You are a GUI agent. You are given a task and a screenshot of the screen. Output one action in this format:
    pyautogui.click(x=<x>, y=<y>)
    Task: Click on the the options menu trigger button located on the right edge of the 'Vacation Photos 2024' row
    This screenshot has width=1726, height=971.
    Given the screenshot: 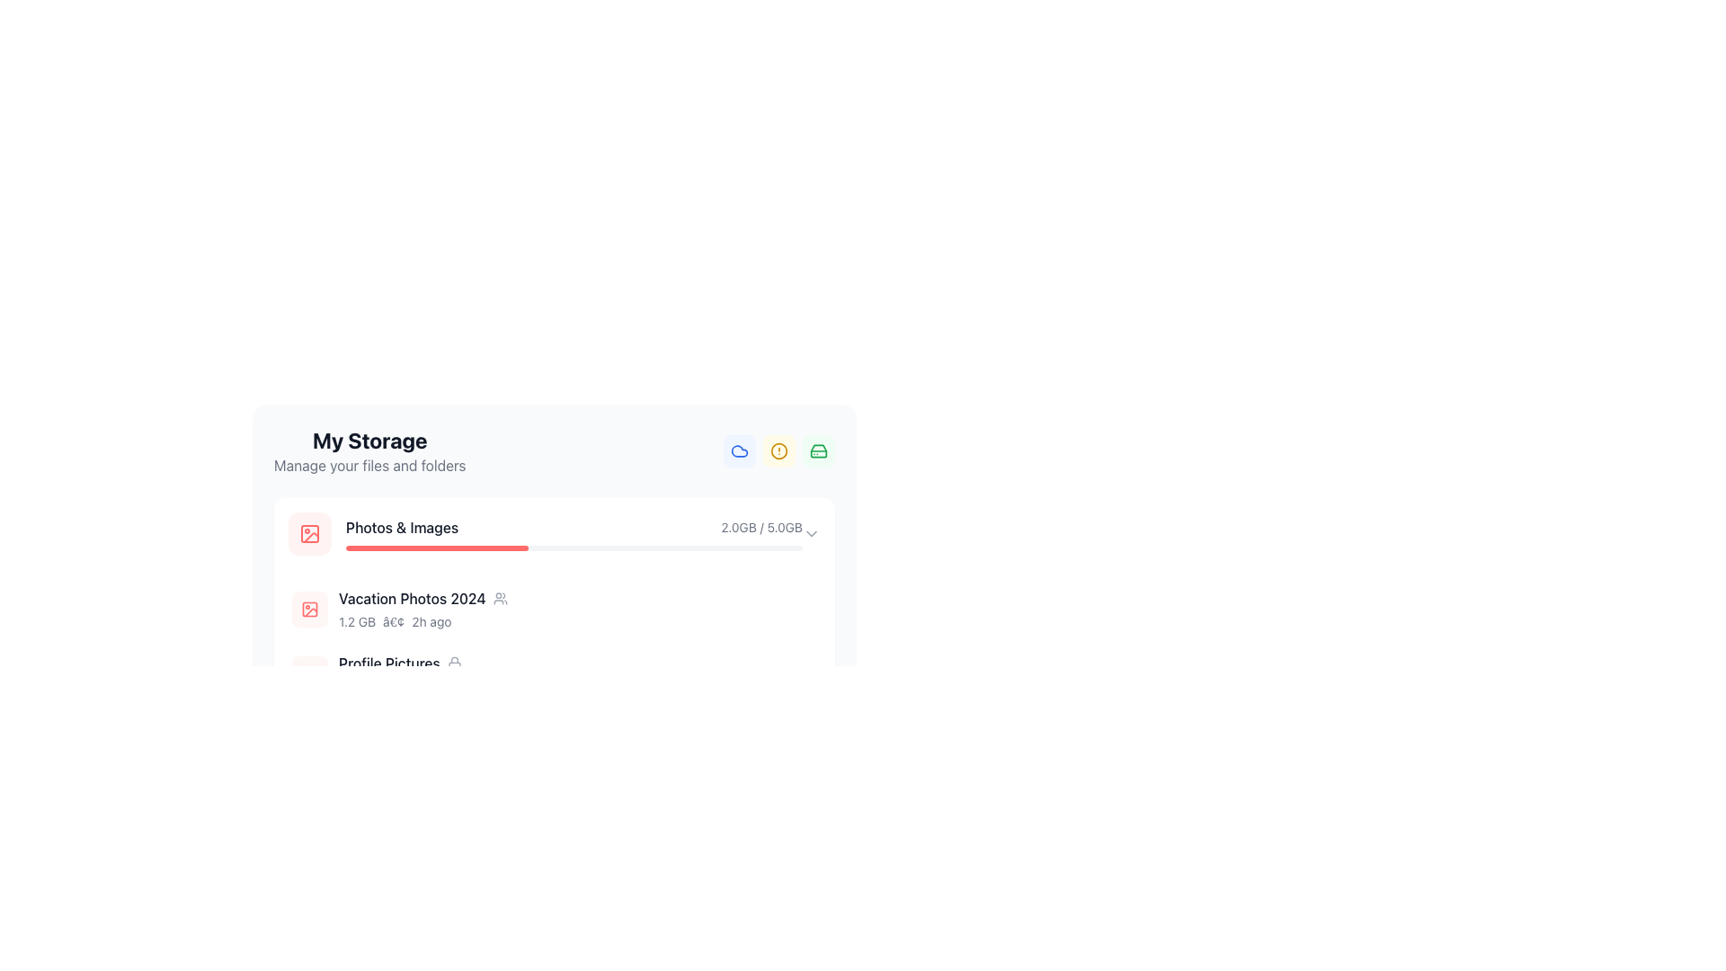 What is the action you would take?
    pyautogui.click(x=801, y=609)
    